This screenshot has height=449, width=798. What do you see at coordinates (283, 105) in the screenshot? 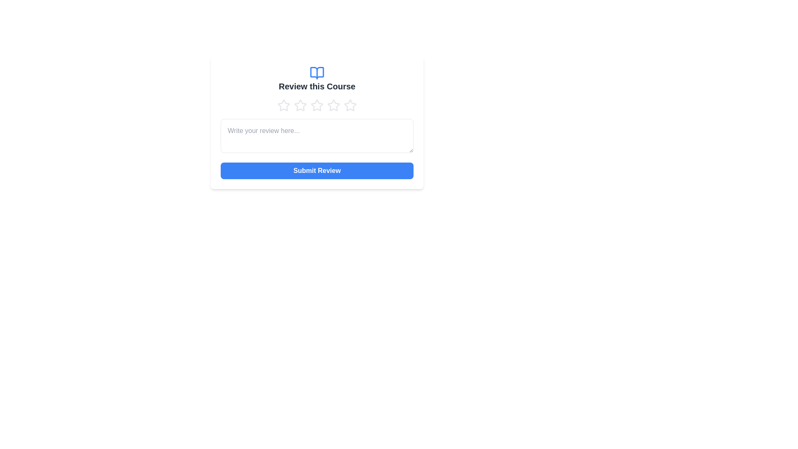
I see `the first star in the horizontal row of five star icons` at bounding box center [283, 105].